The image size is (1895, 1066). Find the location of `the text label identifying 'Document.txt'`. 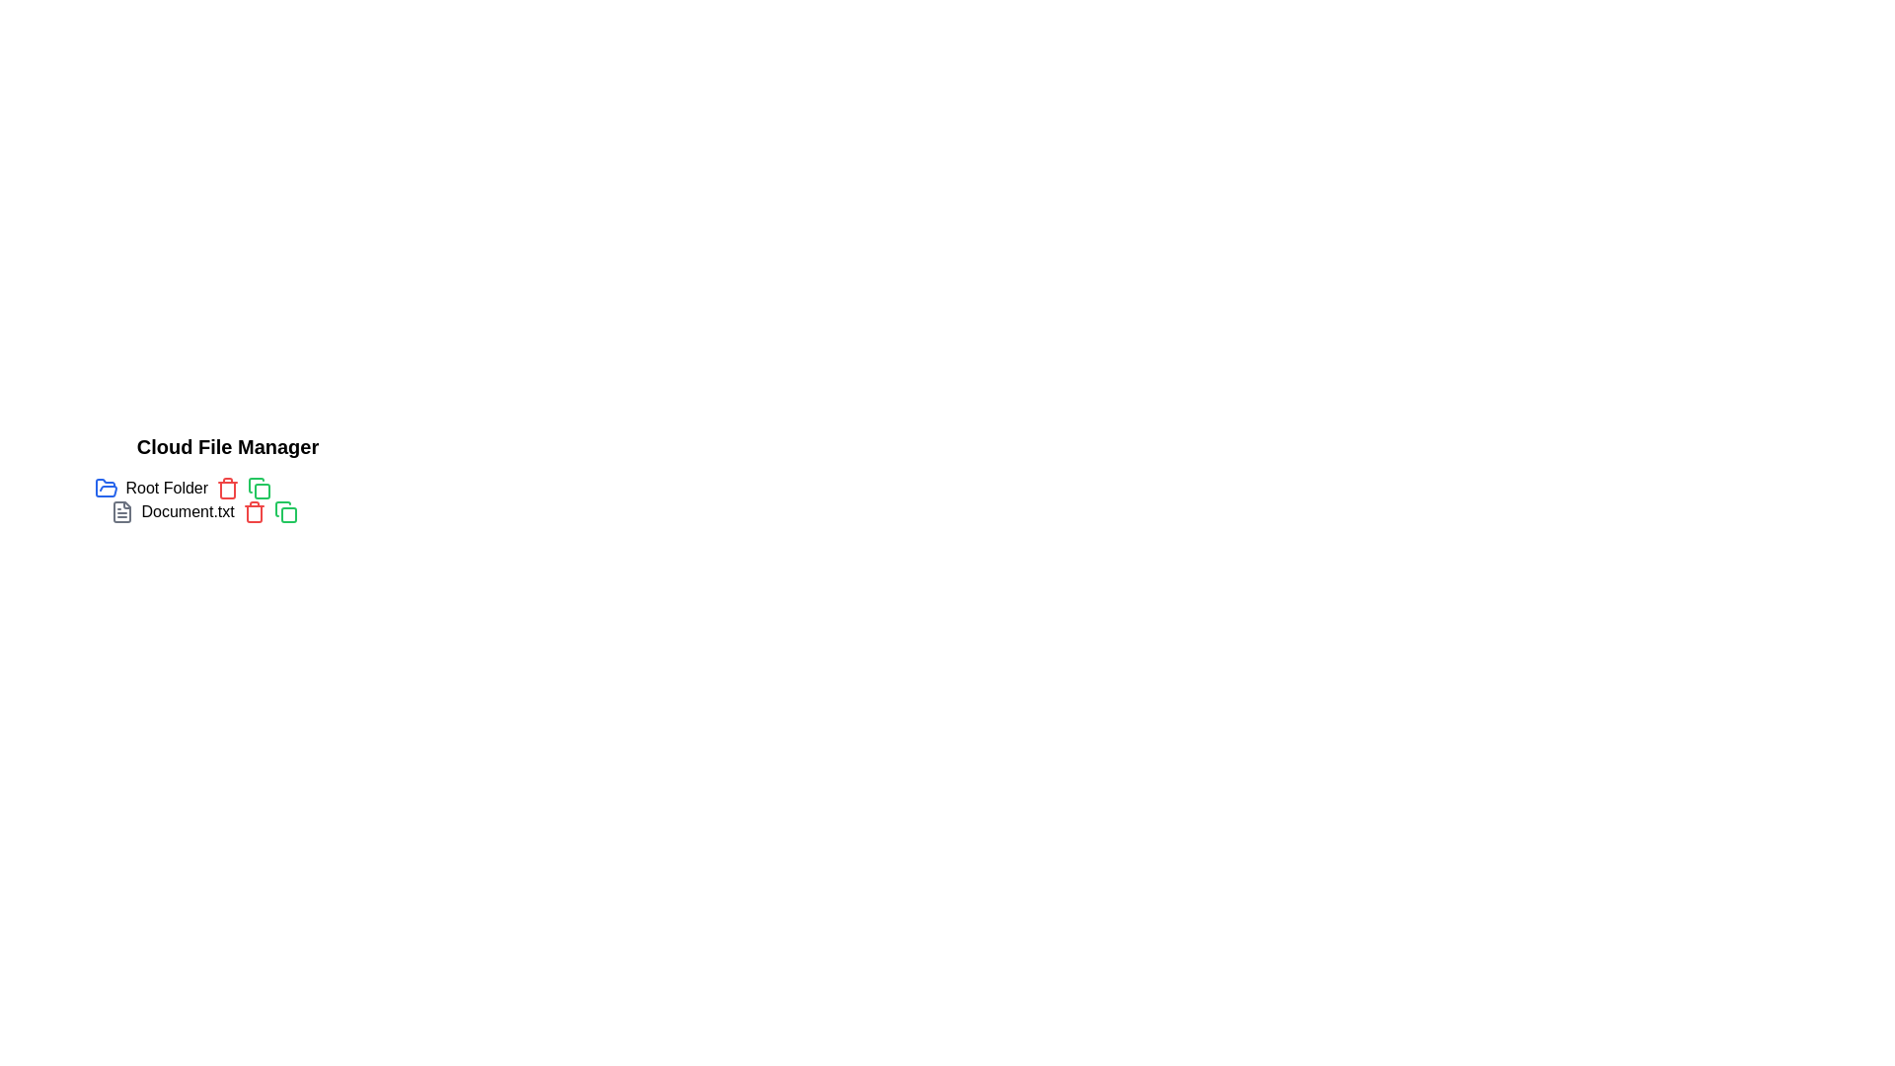

the text label identifying 'Document.txt' is located at coordinates (188, 511).